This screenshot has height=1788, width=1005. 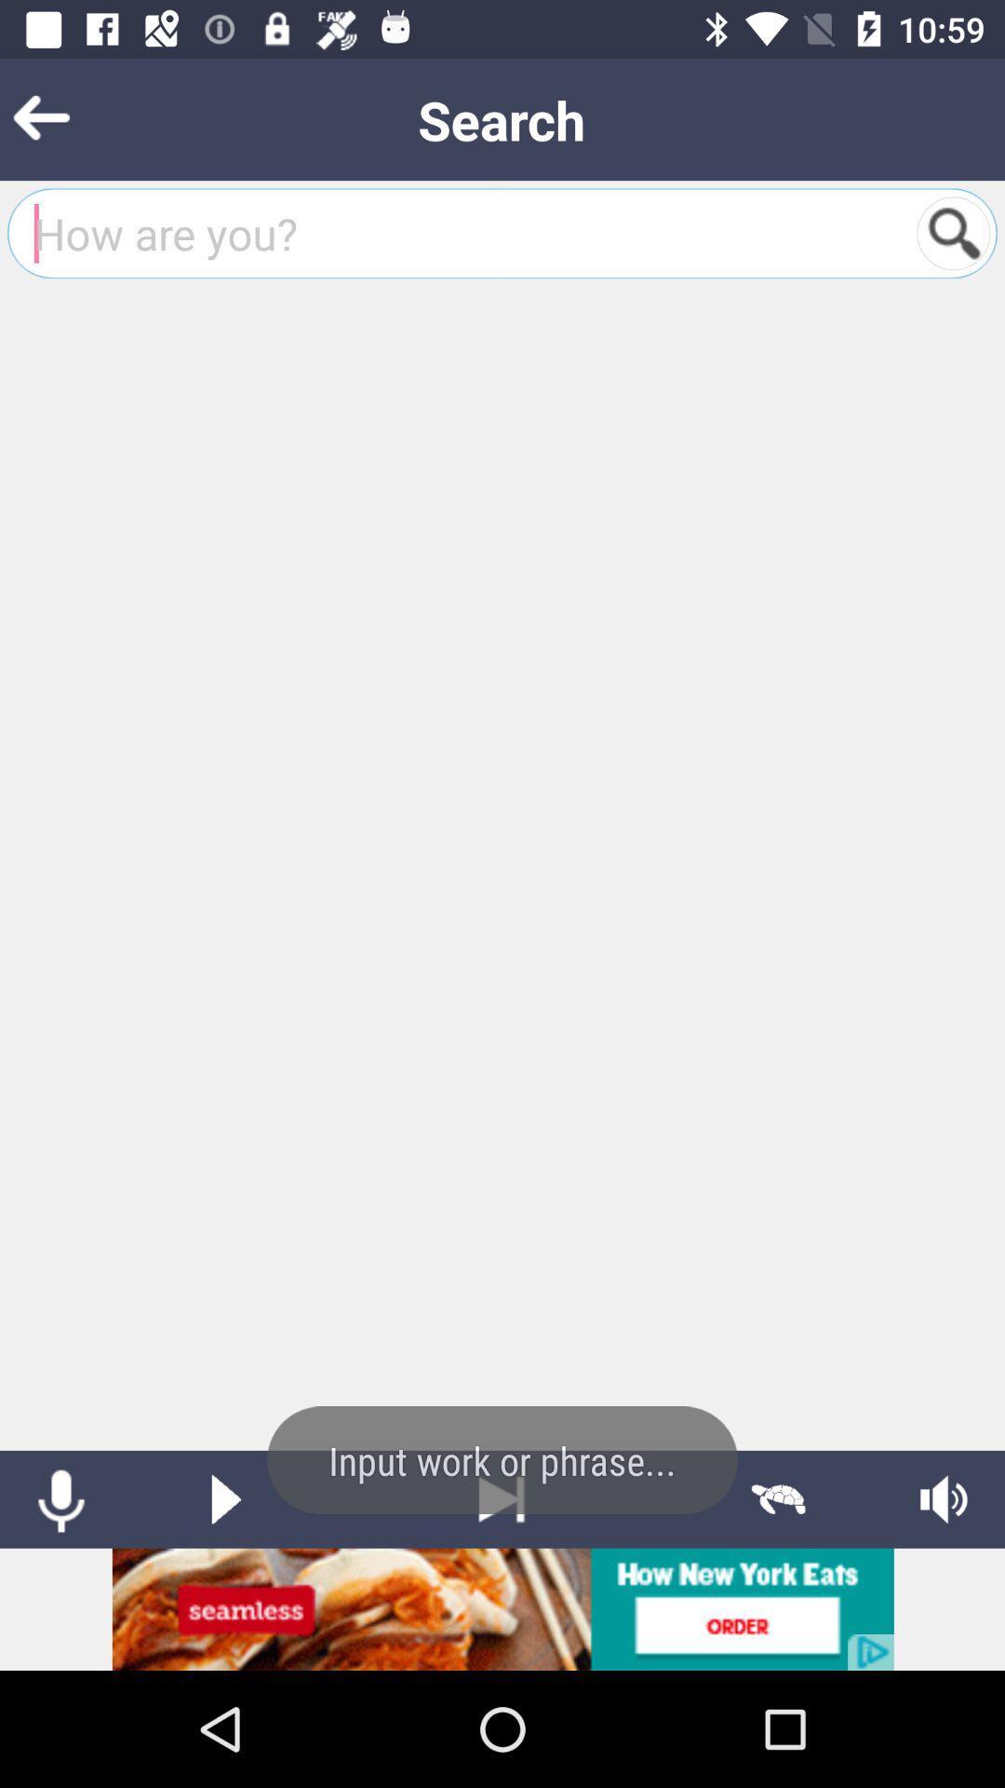 What do you see at coordinates (225, 1499) in the screenshot?
I see `play` at bounding box center [225, 1499].